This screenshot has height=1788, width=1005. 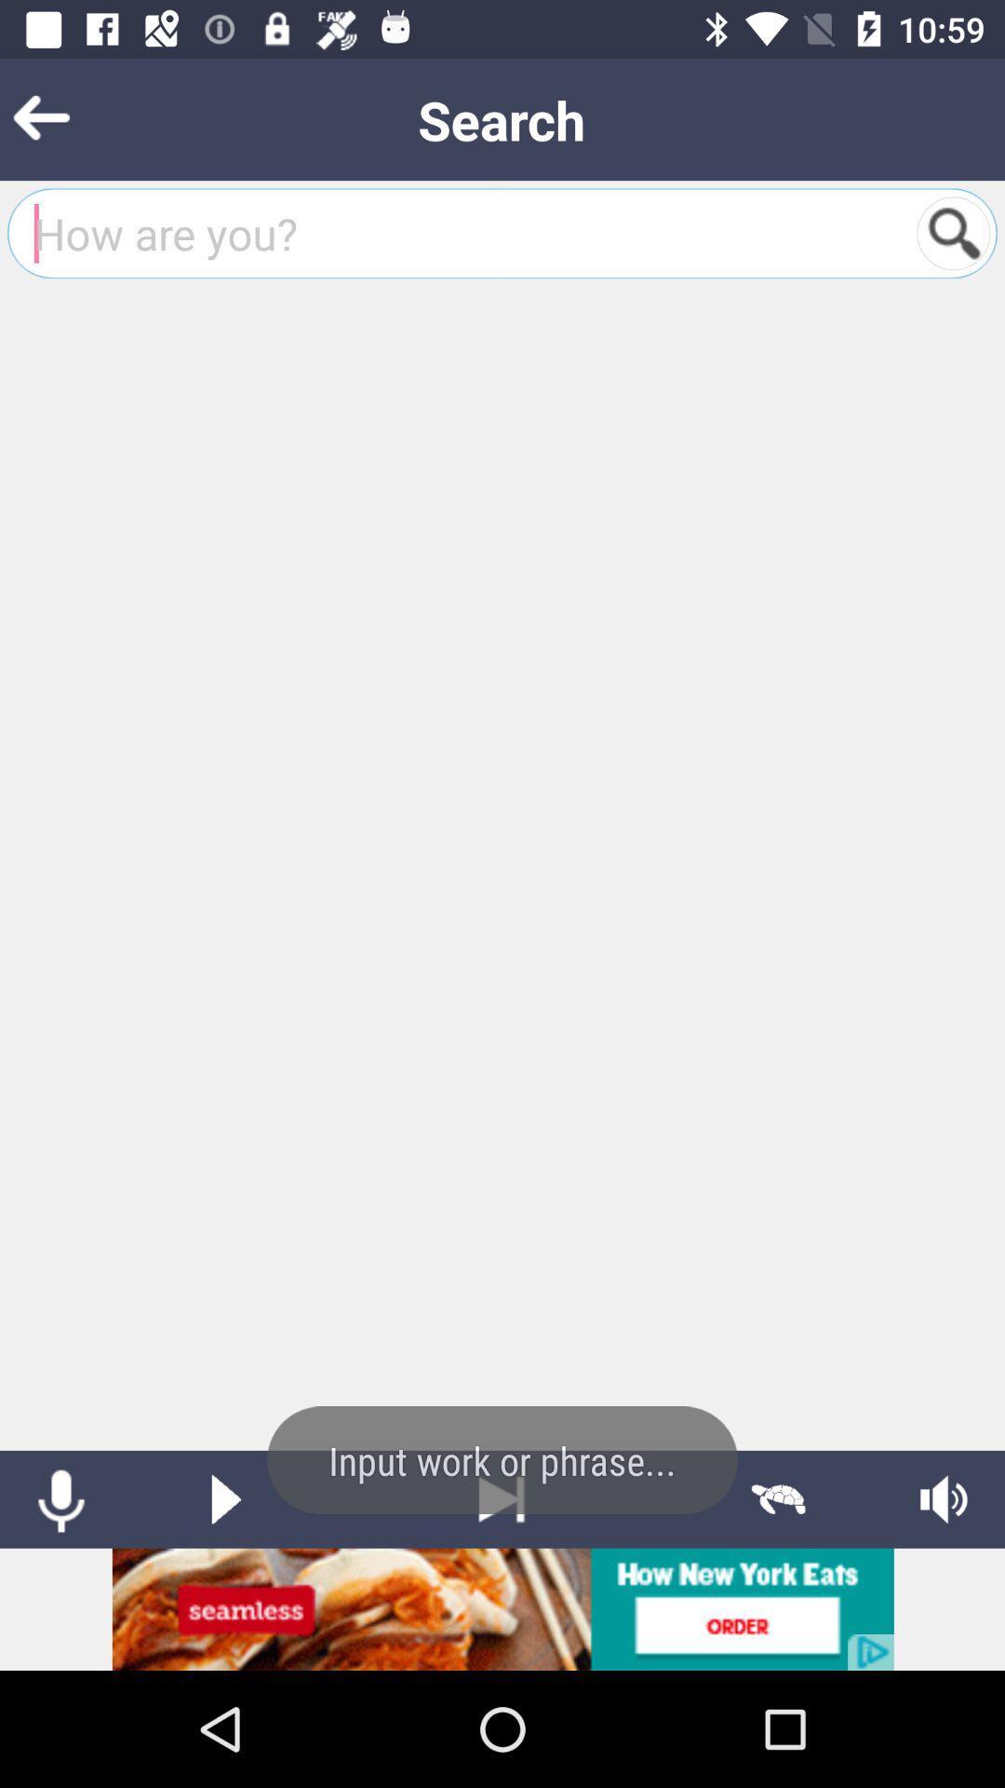 What do you see at coordinates (225, 1499) in the screenshot?
I see `play` at bounding box center [225, 1499].